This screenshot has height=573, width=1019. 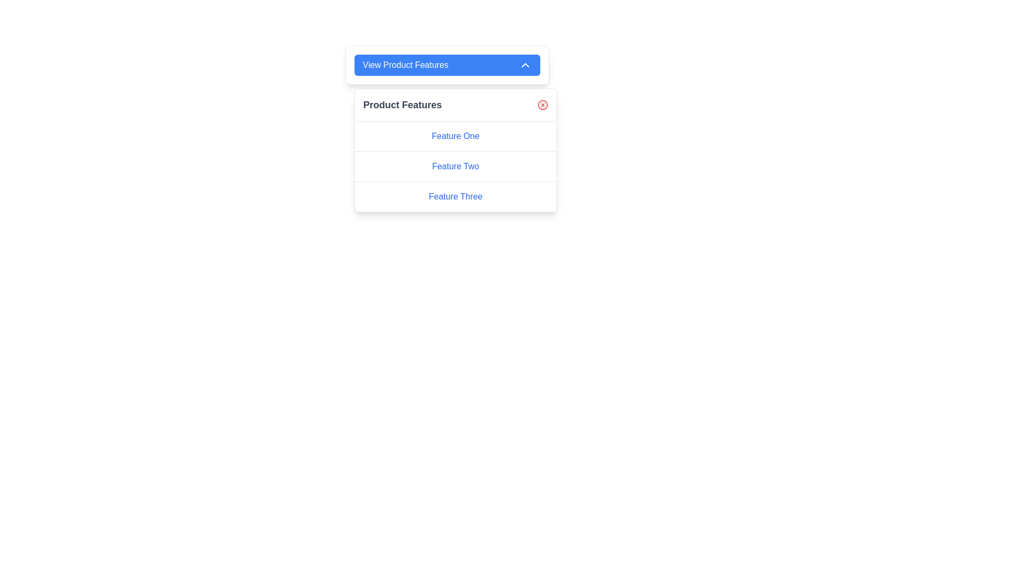 I want to click on the list component containing individual clickable items located directly below the 'Product Features' section, so click(x=455, y=167).